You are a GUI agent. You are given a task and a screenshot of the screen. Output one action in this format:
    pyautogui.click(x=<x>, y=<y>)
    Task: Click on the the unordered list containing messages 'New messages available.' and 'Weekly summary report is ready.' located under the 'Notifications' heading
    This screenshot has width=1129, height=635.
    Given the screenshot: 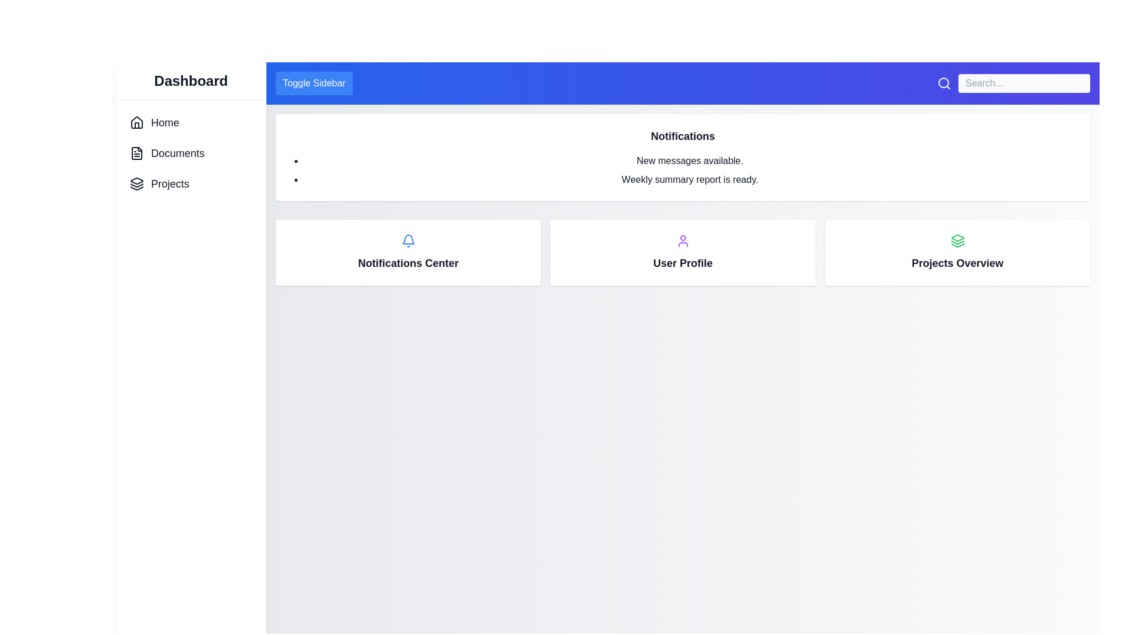 What is the action you would take?
    pyautogui.click(x=683, y=170)
    